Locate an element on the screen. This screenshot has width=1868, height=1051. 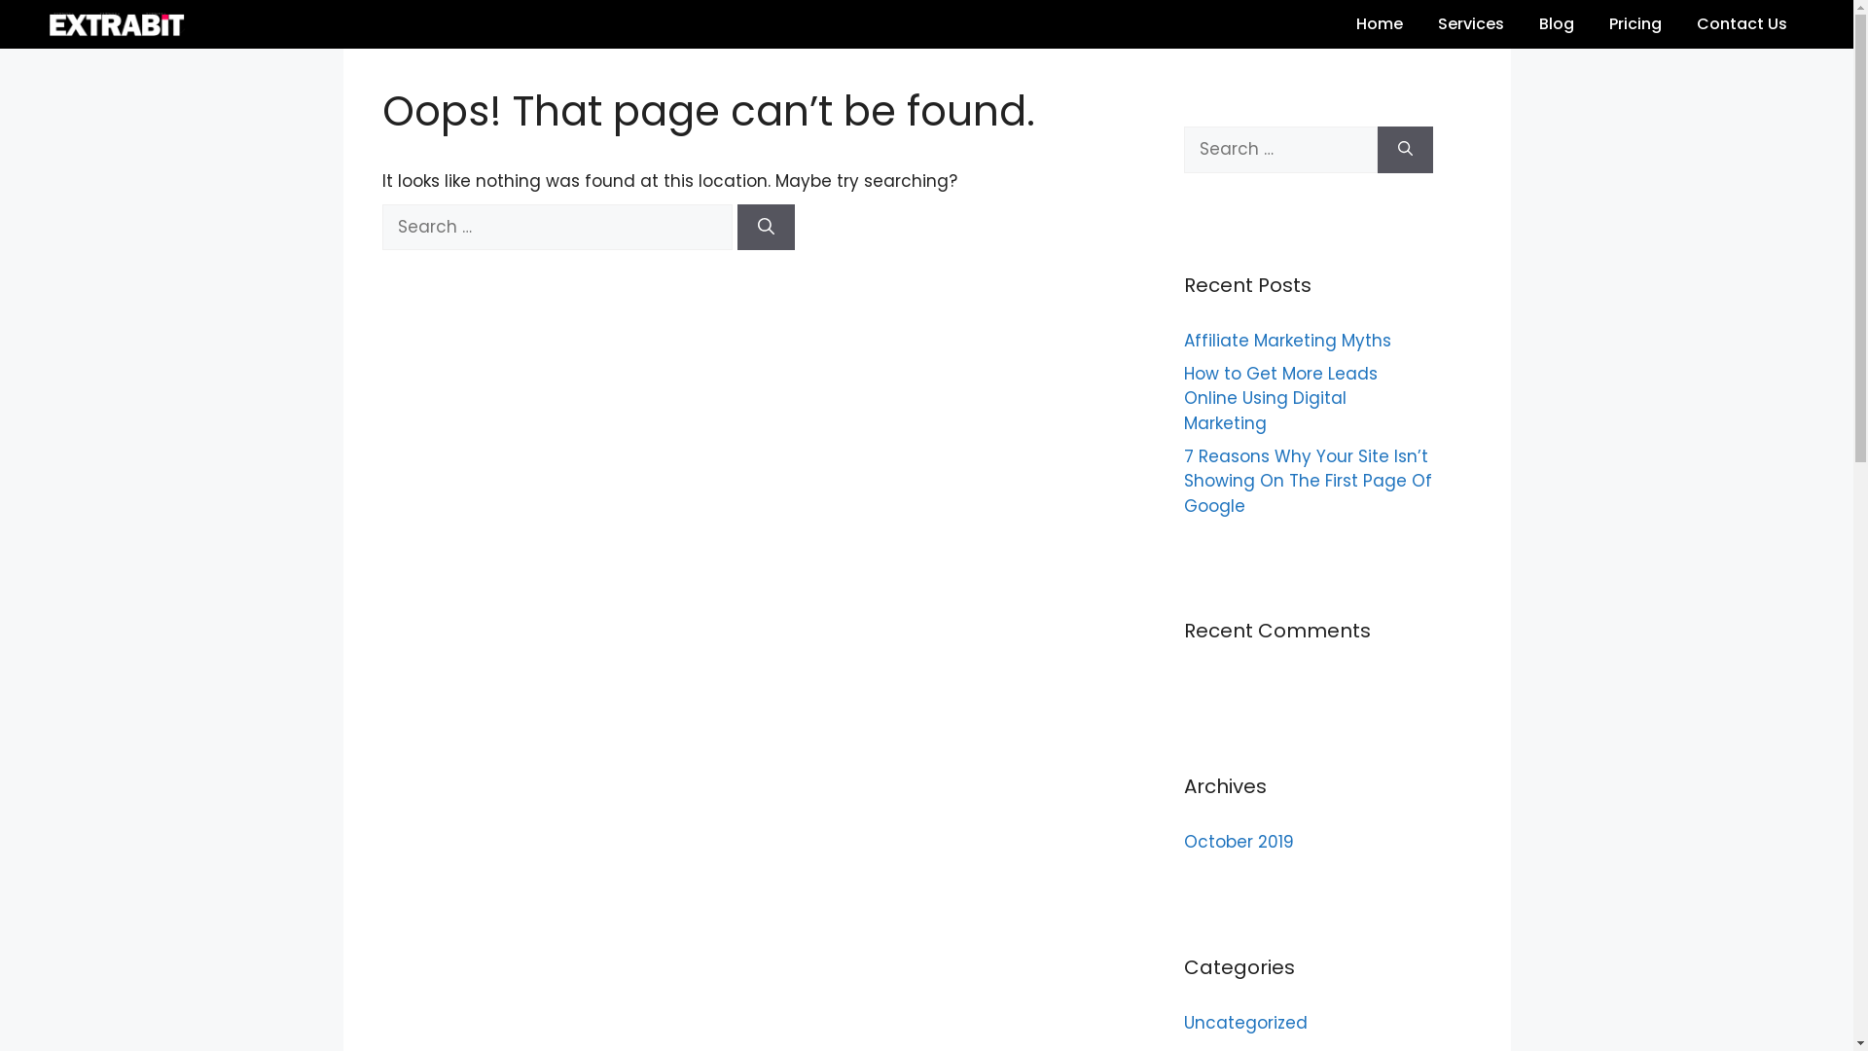
'Pricing' is located at coordinates (1634, 23).